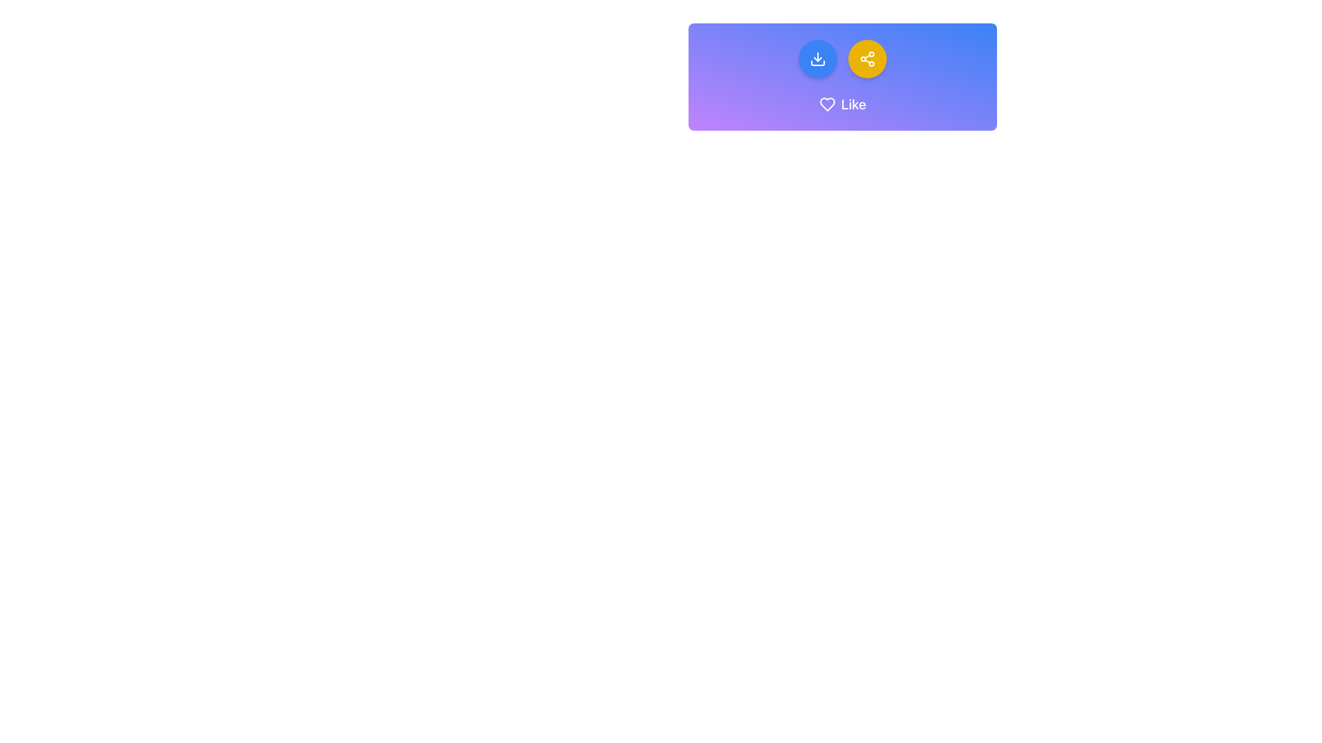  I want to click on the button group containing a blue download button and a yellow share button, so click(842, 58).